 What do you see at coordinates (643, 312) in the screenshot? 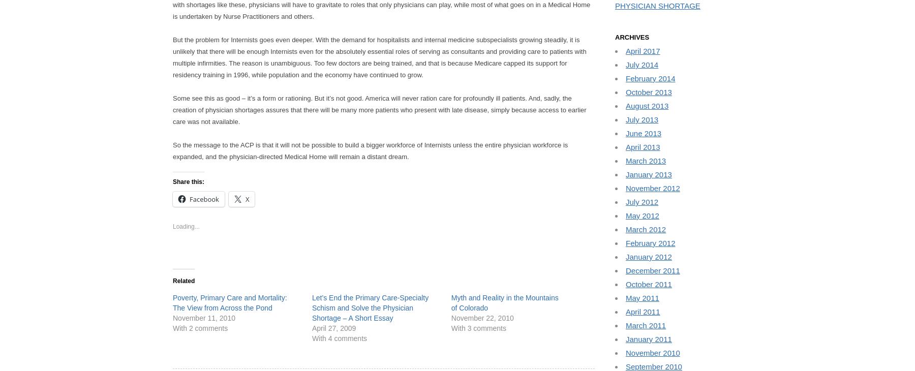
I see `'April 2011'` at bounding box center [643, 312].